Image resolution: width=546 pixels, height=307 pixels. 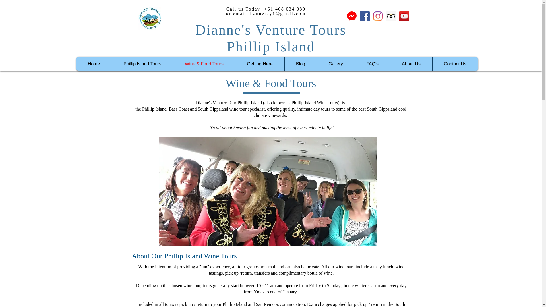 What do you see at coordinates (204, 64) in the screenshot?
I see `'Wine & Food Tours'` at bounding box center [204, 64].